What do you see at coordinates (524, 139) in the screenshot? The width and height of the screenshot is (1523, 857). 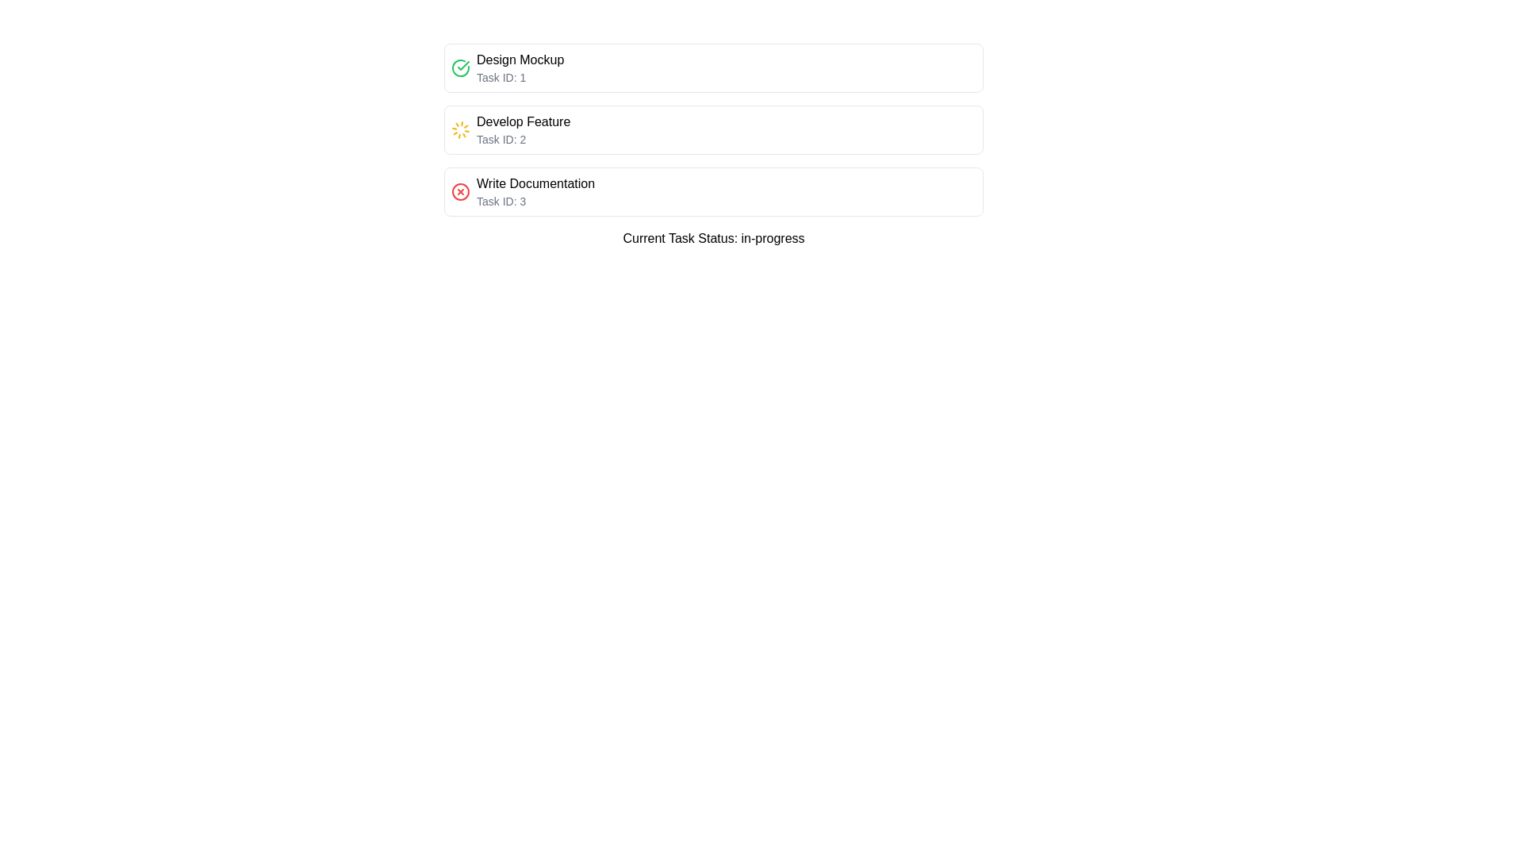 I see `text that serves as a descriptive label indicating the unique identifier of the task item named 'Develop Feature', positioned below it` at bounding box center [524, 139].